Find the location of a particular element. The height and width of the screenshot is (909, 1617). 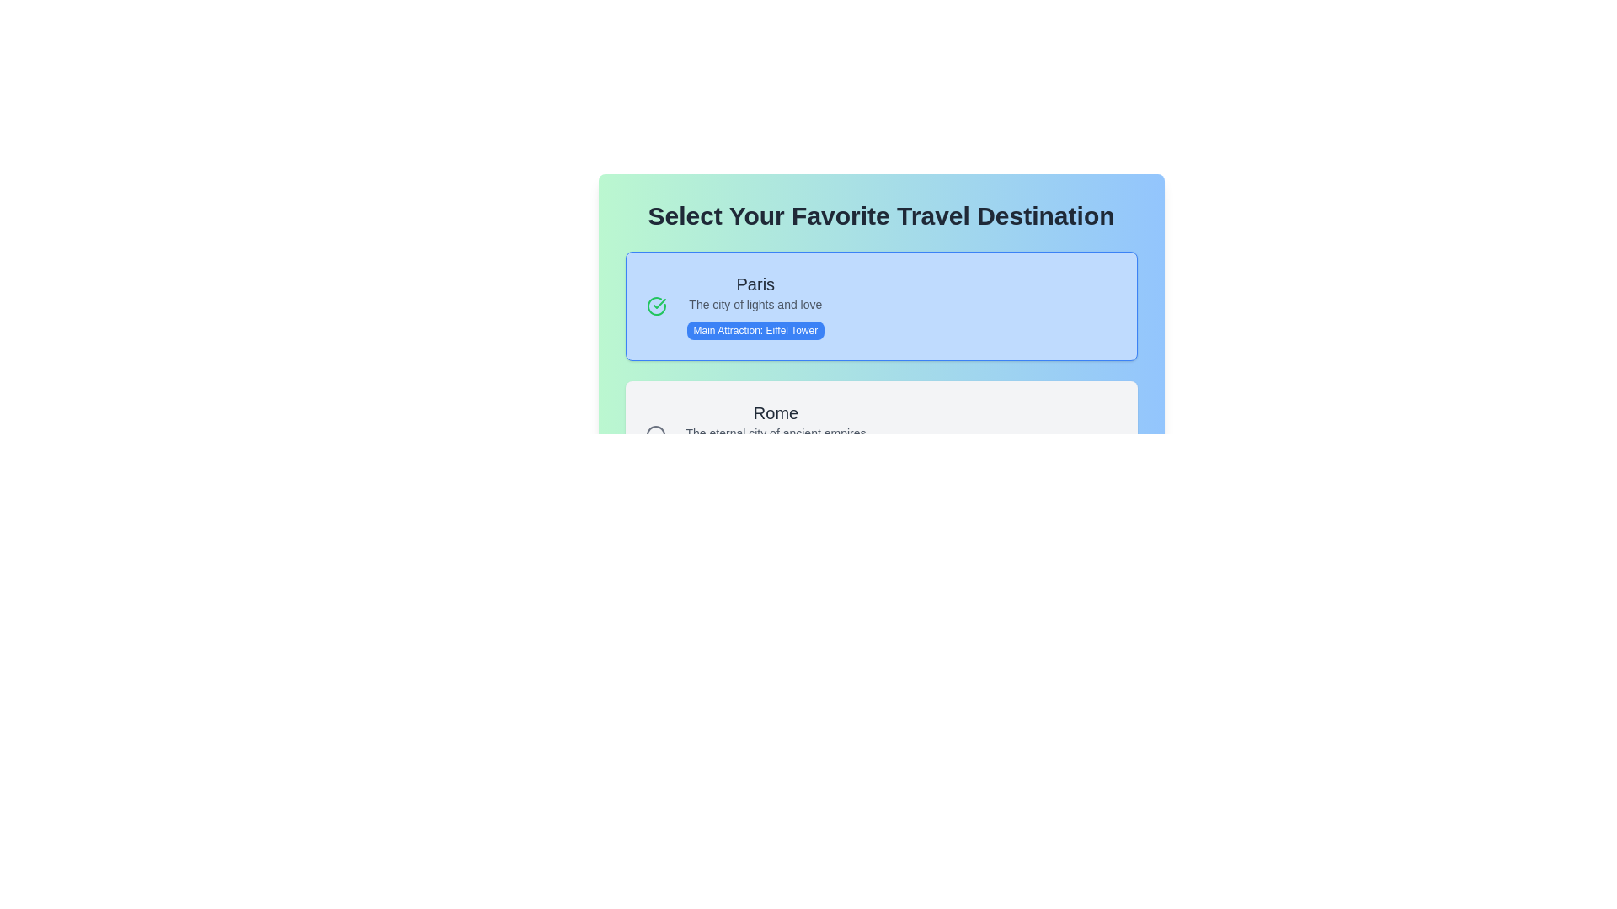

the decorative or interactive icon associated with the travel destination block for 'Rome', located at the top-left corner of the 'Rome' travel block is located at coordinates (654, 433).